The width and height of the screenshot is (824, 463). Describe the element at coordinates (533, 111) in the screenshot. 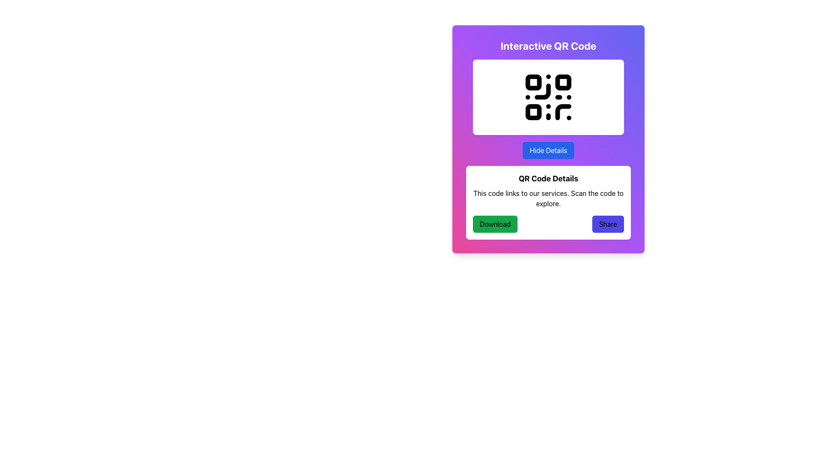

I see `the rectangular SVG element that is part of the QR code structure, located in the bottom-left quadrant of the QR code` at that location.